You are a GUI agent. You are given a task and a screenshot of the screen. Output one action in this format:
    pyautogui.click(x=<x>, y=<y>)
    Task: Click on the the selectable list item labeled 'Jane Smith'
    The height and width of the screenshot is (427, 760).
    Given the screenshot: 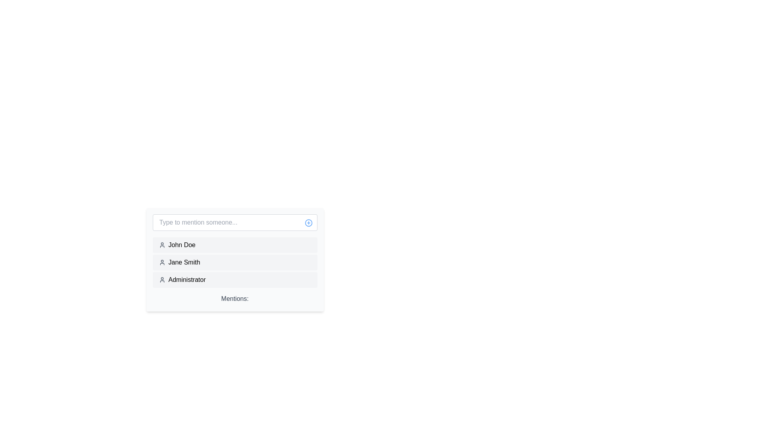 What is the action you would take?
    pyautogui.click(x=234, y=262)
    